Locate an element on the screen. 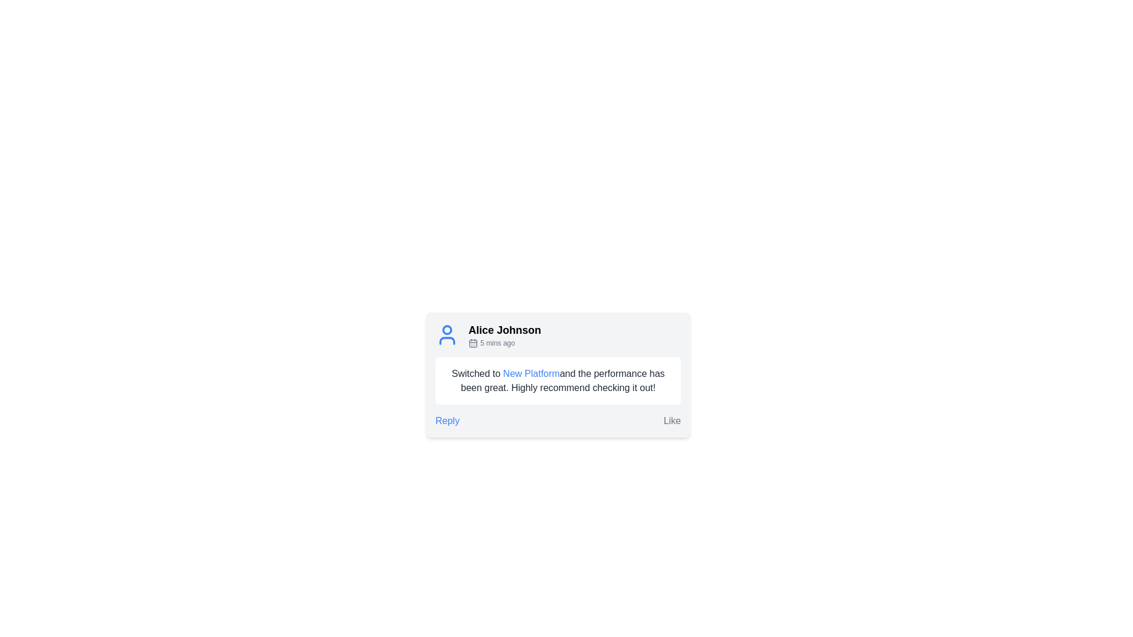  the timestamp text '5 mins ago' in small gray font, located beneath 'Alice Johnson' and to the right of the blue calendar icon is located at coordinates (505, 343).